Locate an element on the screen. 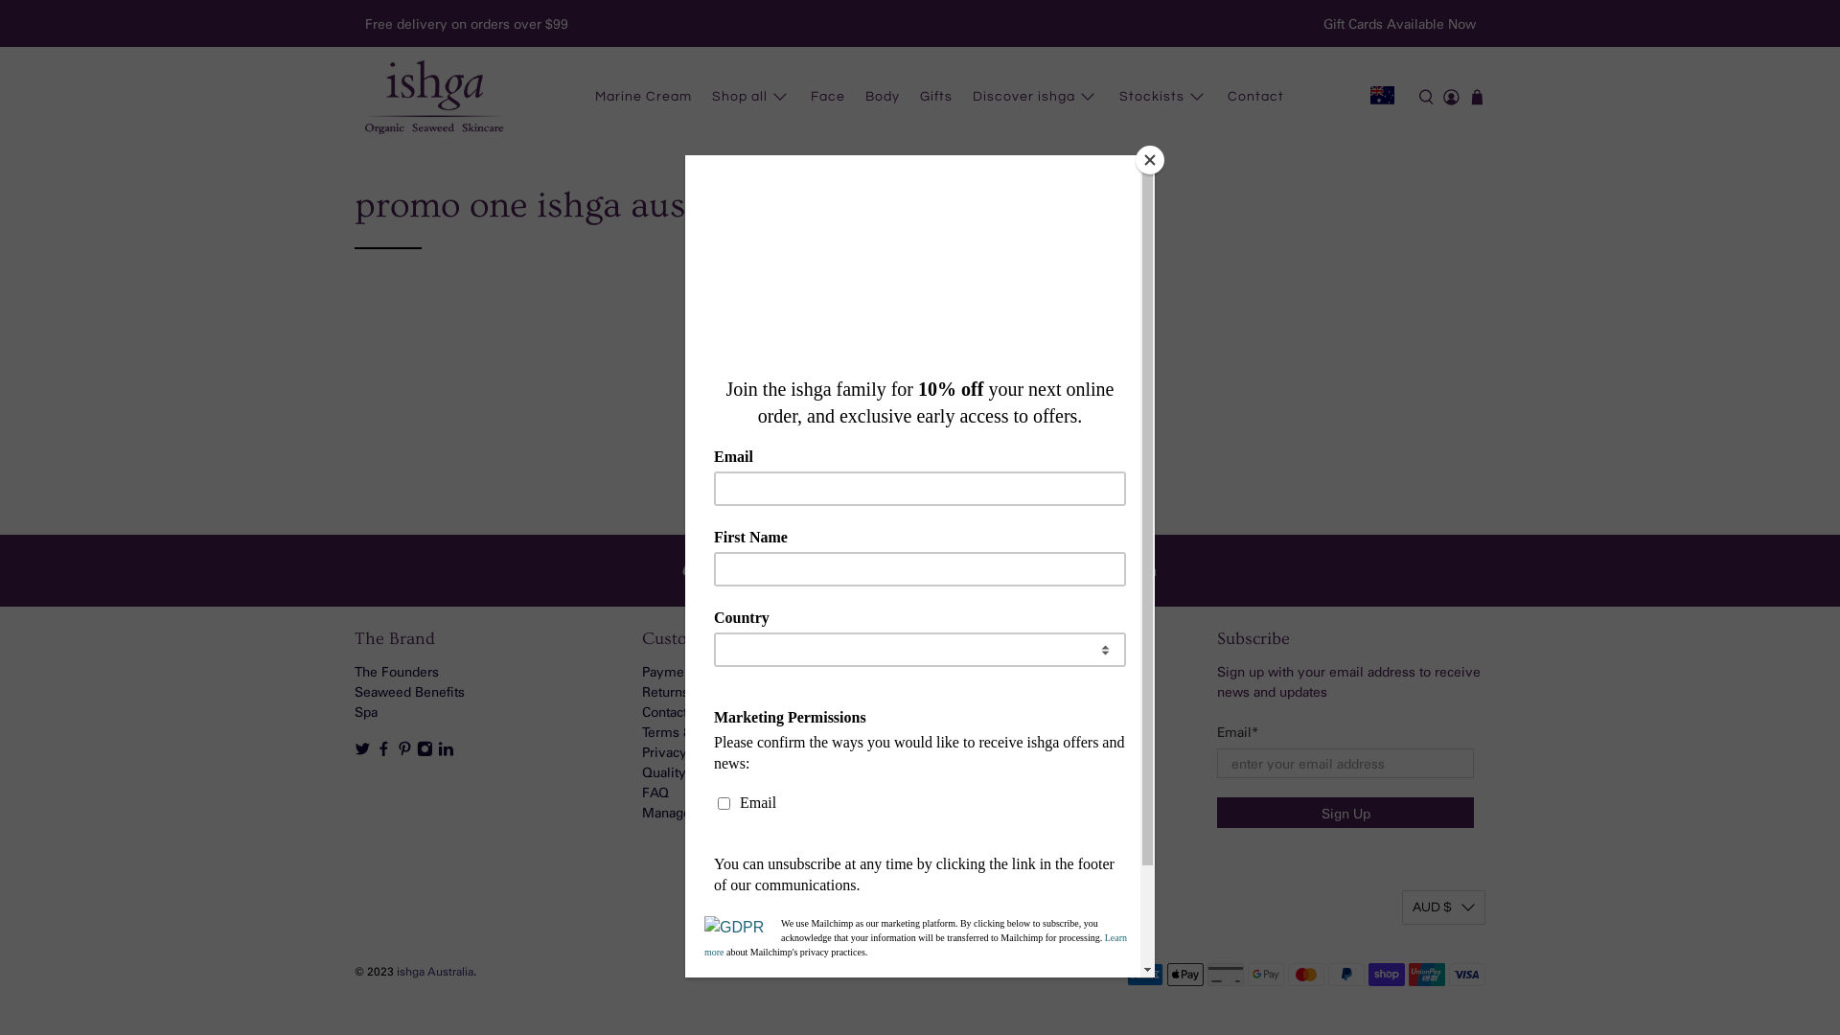 Image resolution: width=1840 pixels, height=1035 pixels. 'Contact Us' is located at coordinates (675, 711).